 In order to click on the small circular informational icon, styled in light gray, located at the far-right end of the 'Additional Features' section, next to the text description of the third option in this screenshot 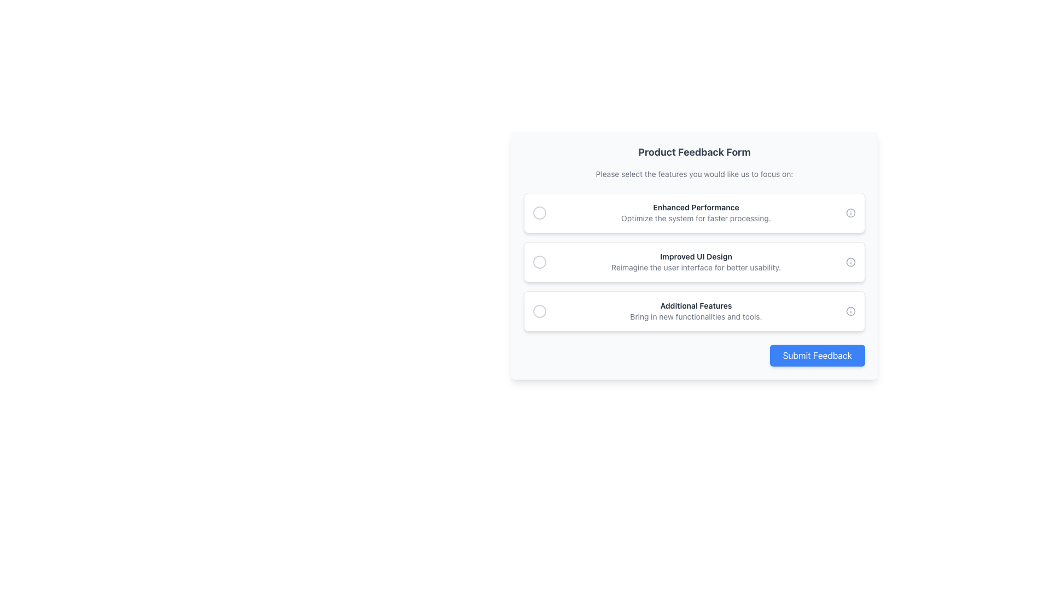, I will do `click(850, 311)`.